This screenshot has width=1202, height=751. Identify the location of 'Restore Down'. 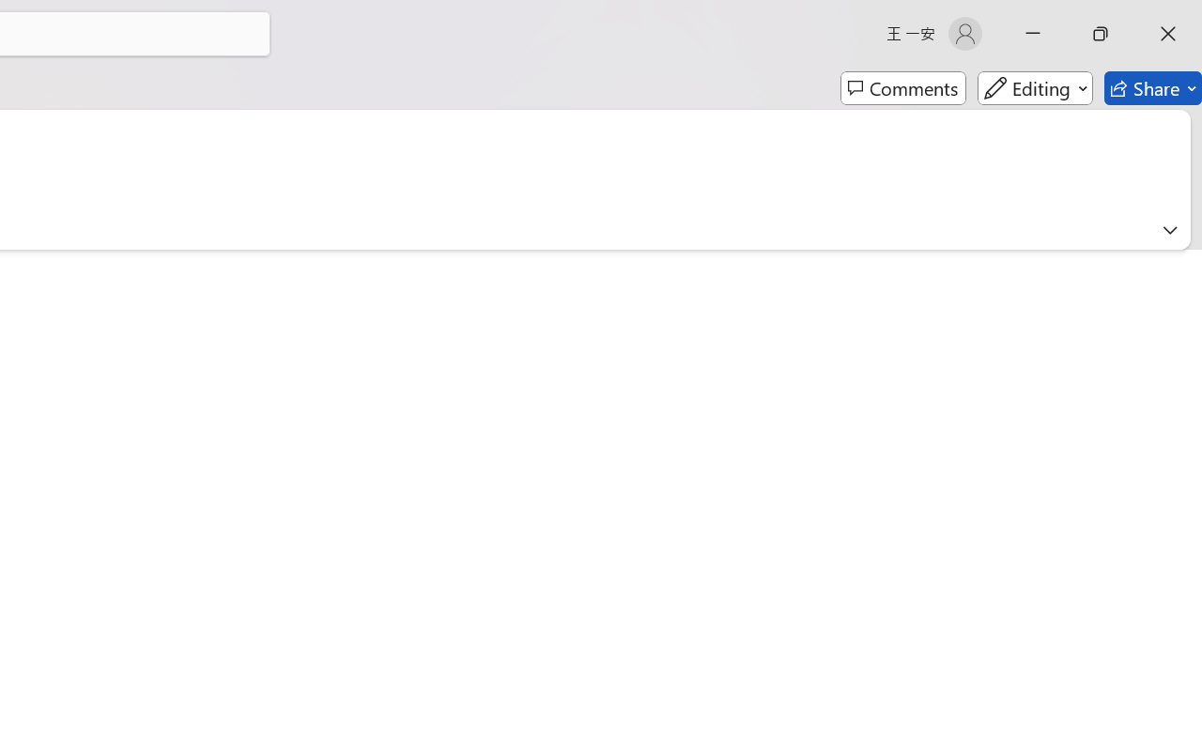
(1101, 33).